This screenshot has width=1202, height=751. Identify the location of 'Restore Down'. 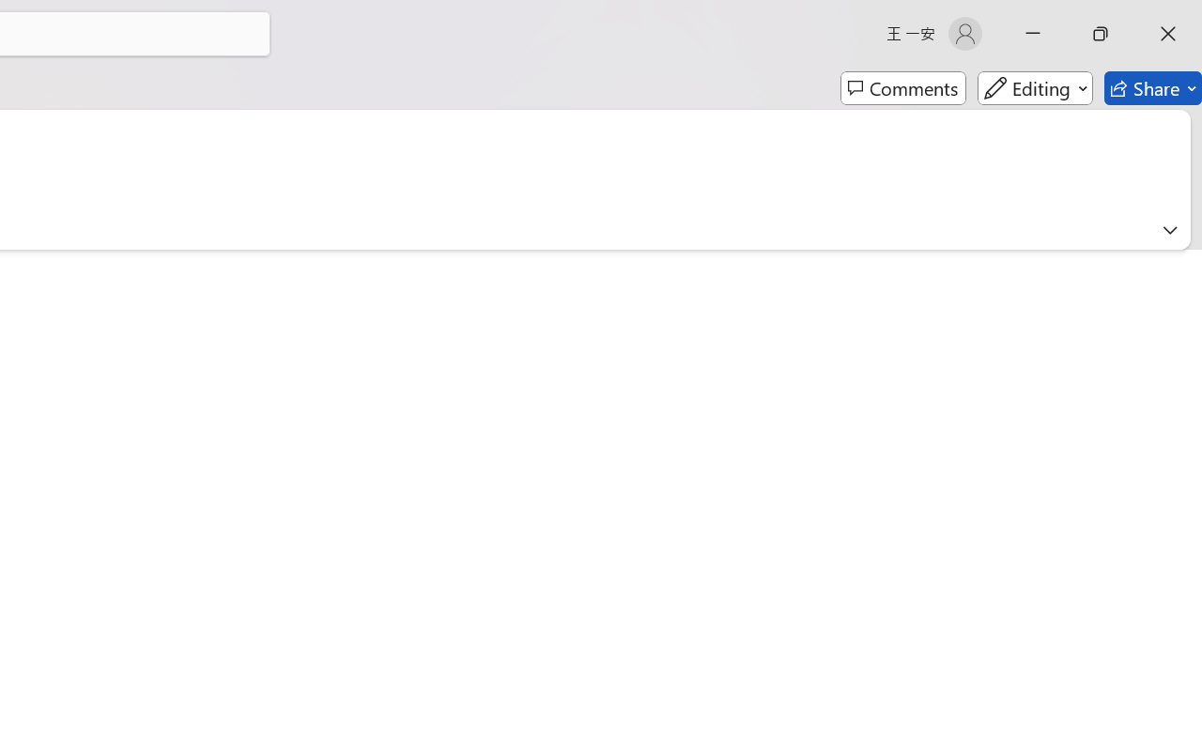
(1101, 33).